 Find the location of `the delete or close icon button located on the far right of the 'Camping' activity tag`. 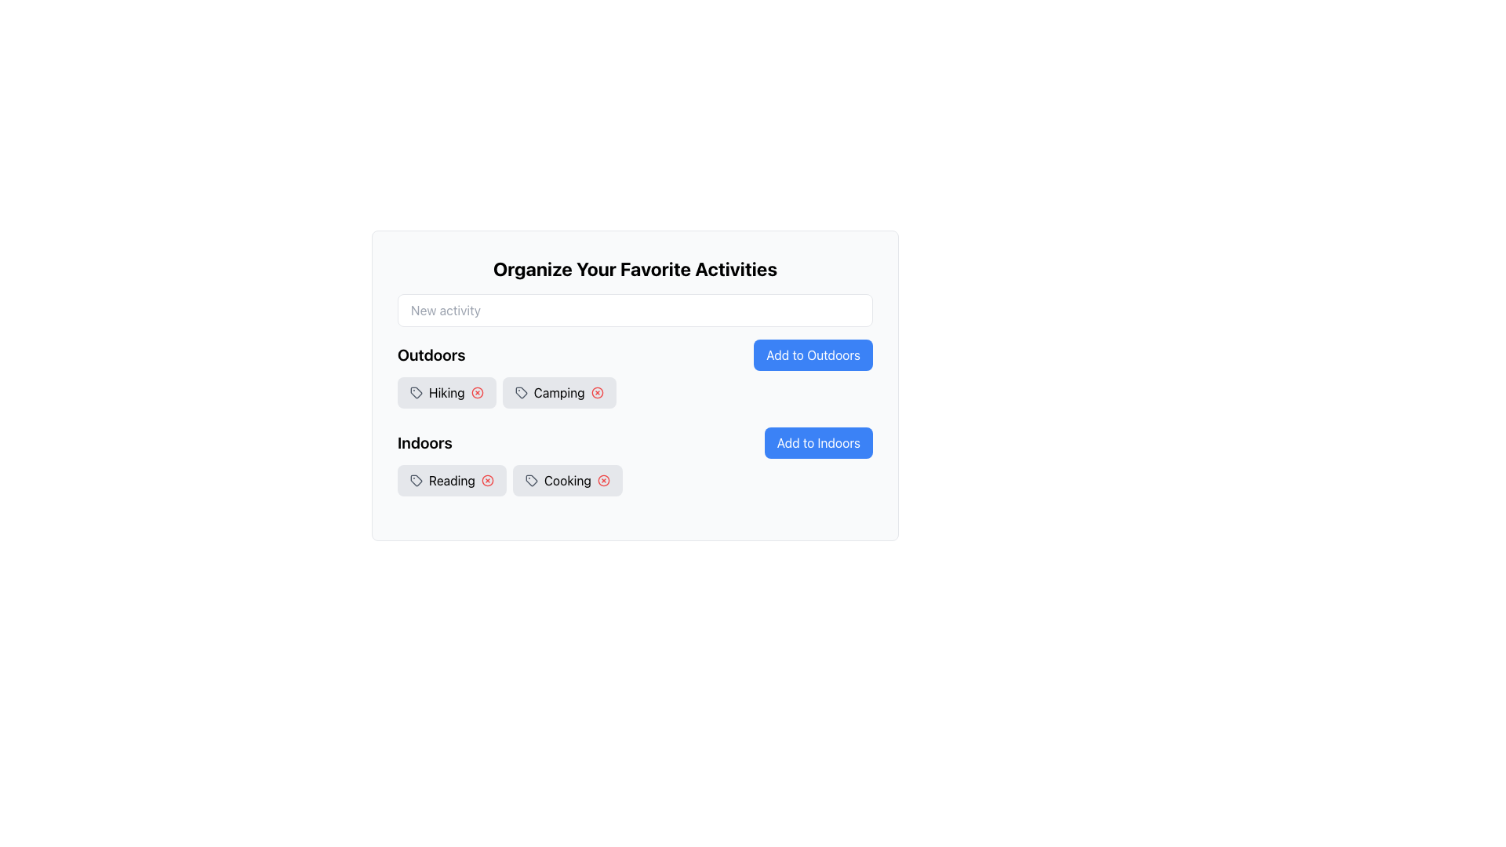

the delete or close icon button located on the far right of the 'Camping' activity tag is located at coordinates (596, 392).